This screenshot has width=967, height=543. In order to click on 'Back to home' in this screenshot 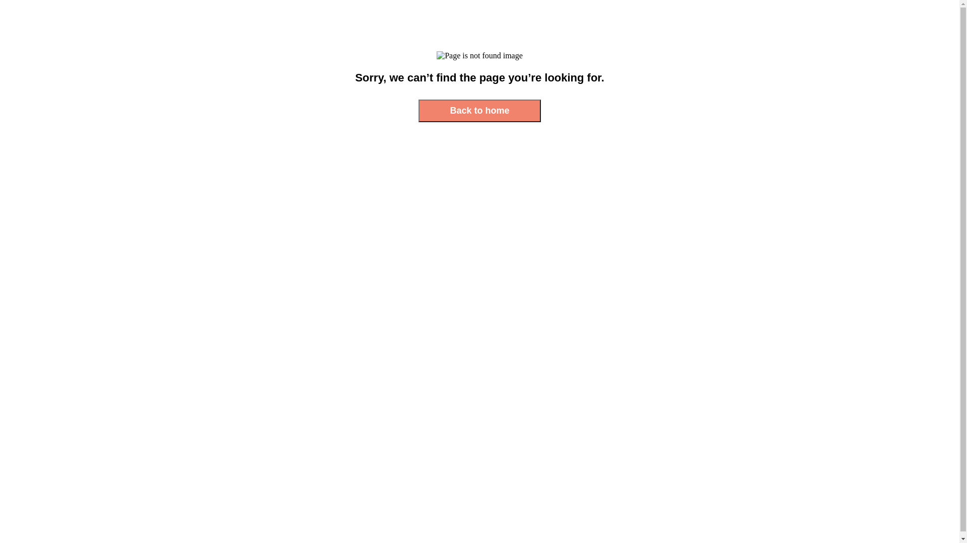, I will do `click(478, 111)`.